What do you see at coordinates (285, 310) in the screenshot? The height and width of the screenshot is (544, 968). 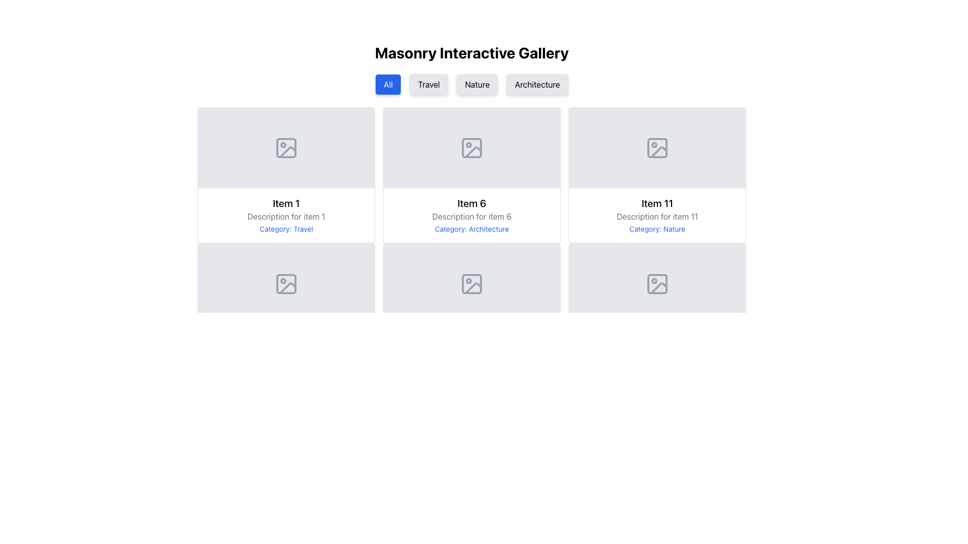 I see `the Content Placeholder located below the 'Item 1' details in the left-most column of the three-column grid layout for interaction` at bounding box center [285, 310].